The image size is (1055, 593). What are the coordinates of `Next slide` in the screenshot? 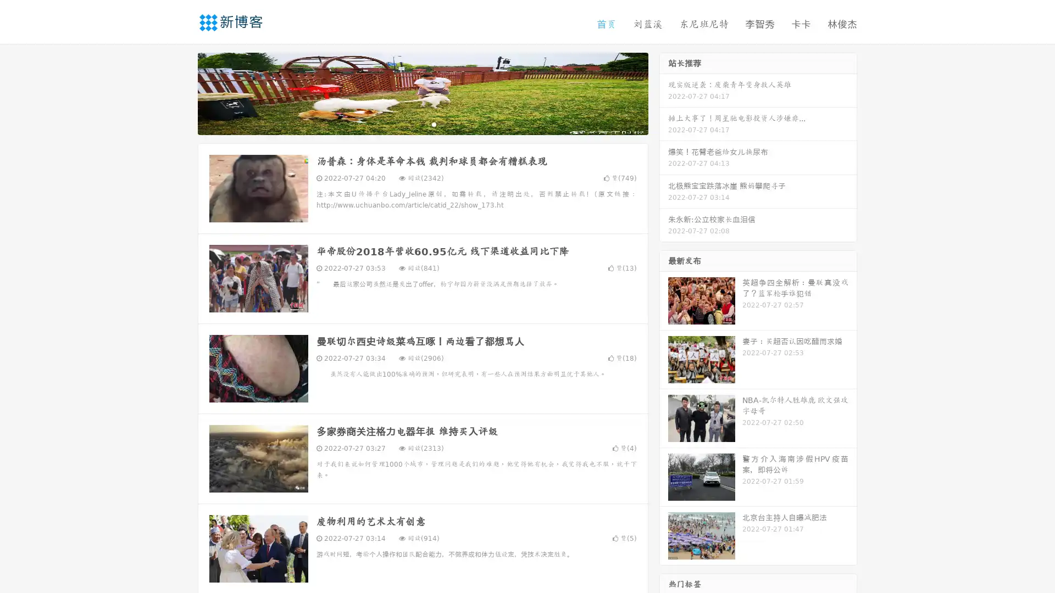 It's located at (664, 92).